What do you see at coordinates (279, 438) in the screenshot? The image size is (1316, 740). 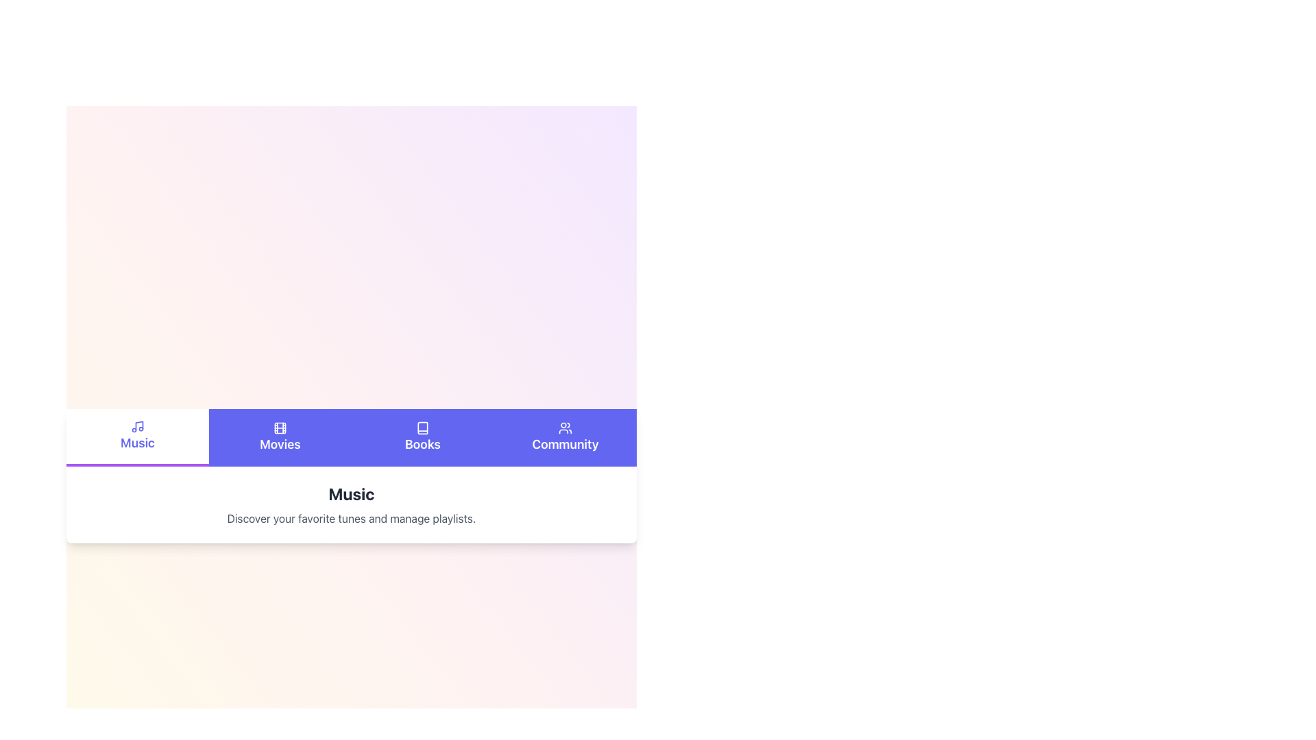 I see `the 'Movies' button, which is a rectangular button with a purple background and white text, displaying an icon of a film strip above the text, located in the horizontal navigation bar` at bounding box center [279, 438].